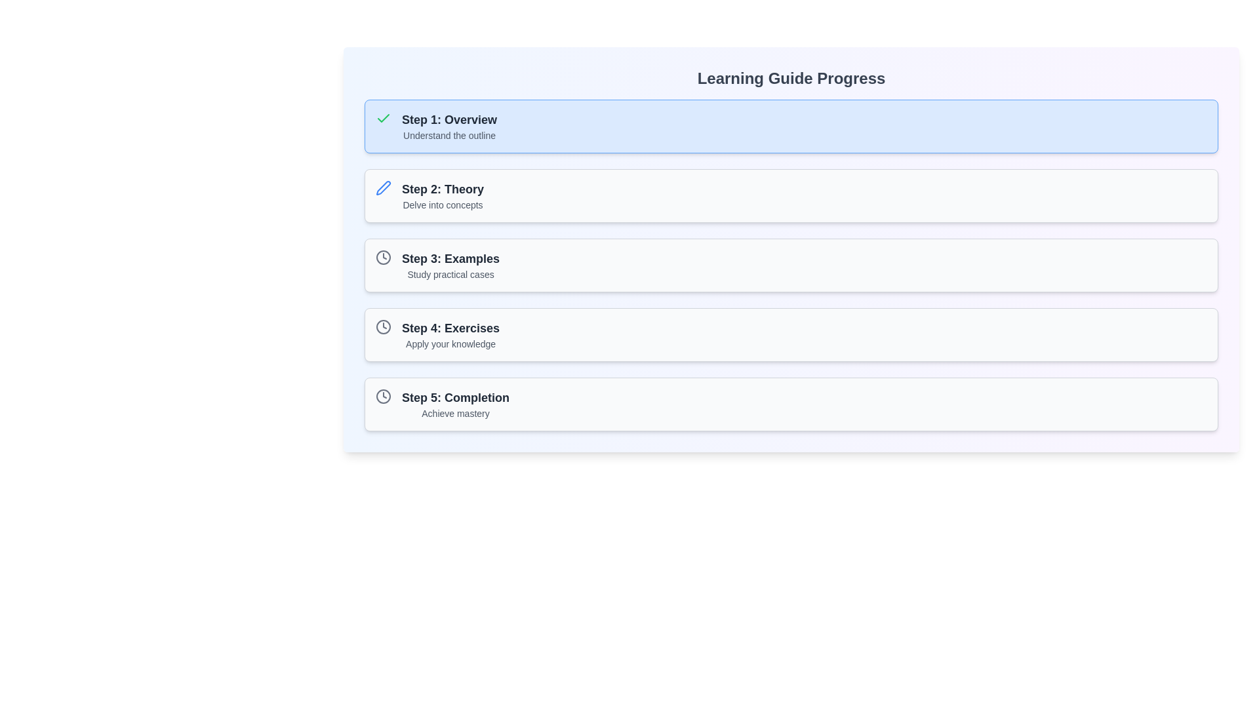  Describe the element at coordinates (383, 187) in the screenshot. I see `the blue pen icon located on the left side of the text in the 'Step 2: Theory' card of the progression guide` at that location.